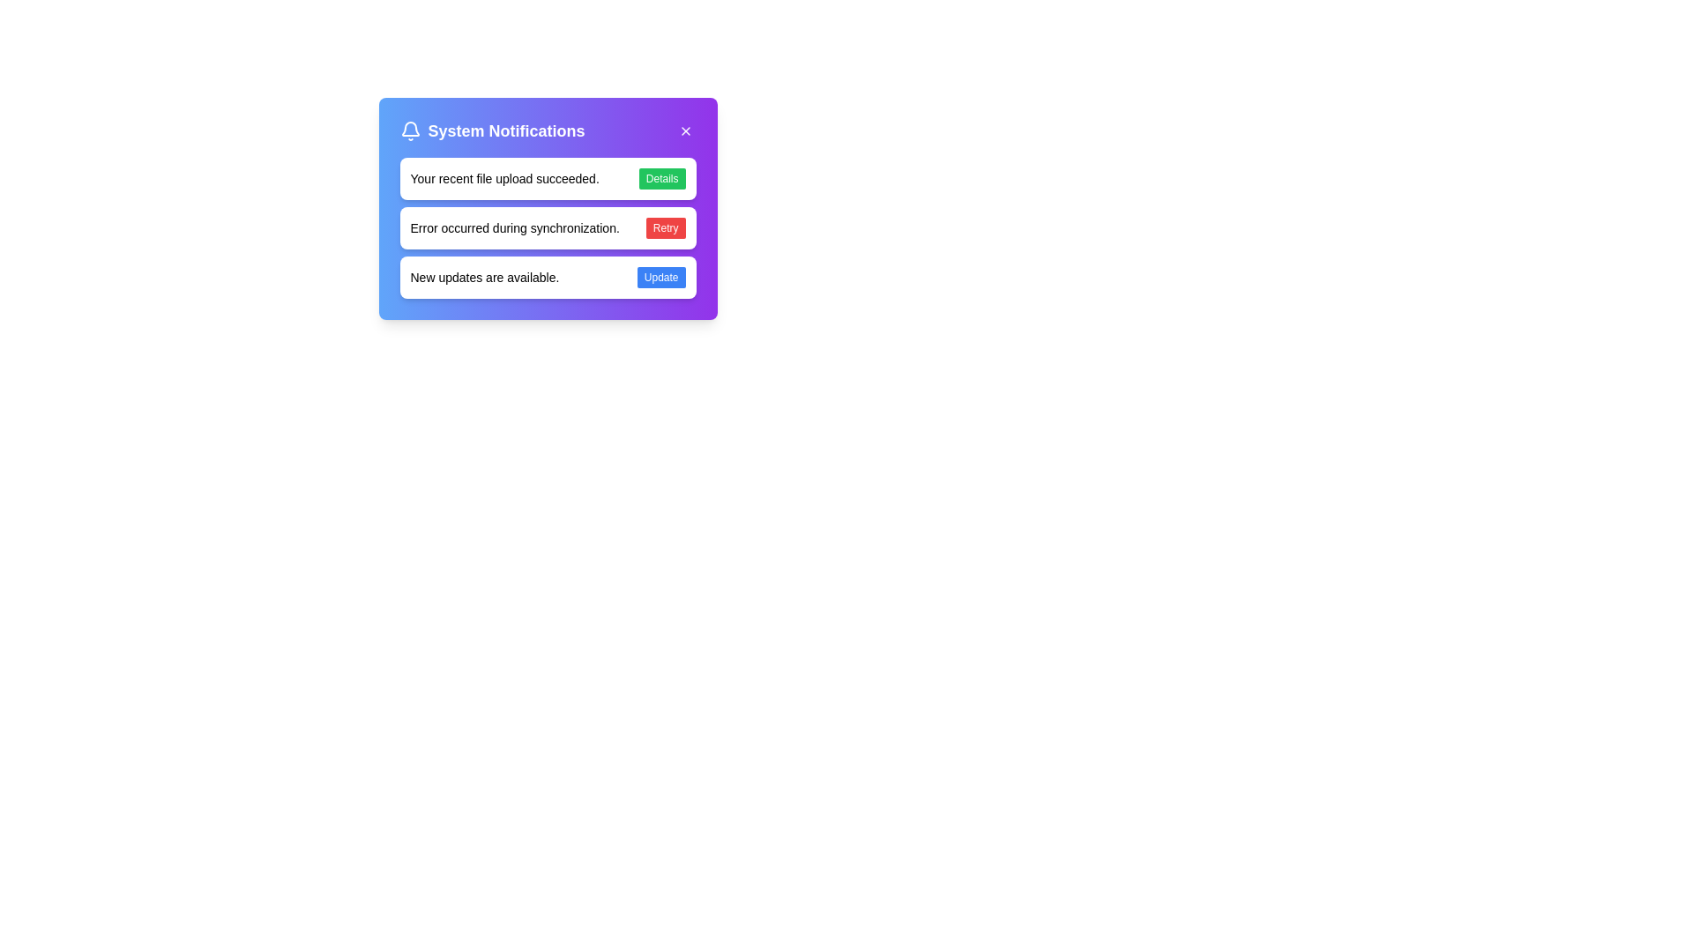 The width and height of the screenshot is (1693, 952). What do you see at coordinates (503, 179) in the screenshot?
I see `the static text label that provides feedback about the successful completion of a file upload, located centrally within a notification card to the left of the 'Details' button` at bounding box center [503, 179].